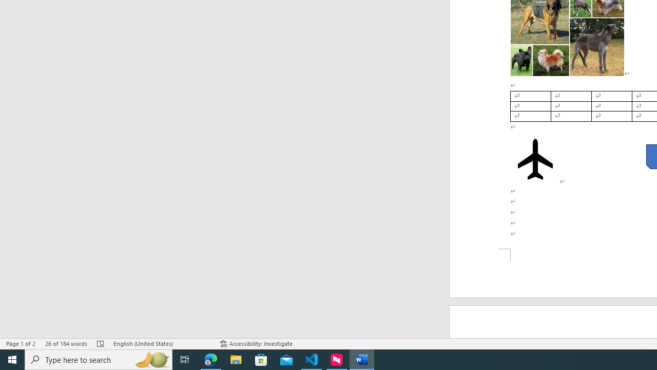  I want to click on 'Accessibility Checker Accessibility: Investigate', so click(256, 344).